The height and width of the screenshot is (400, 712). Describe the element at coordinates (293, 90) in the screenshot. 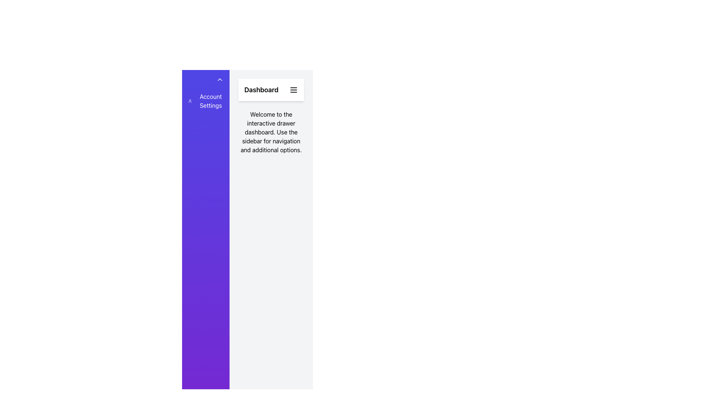

I see `the hamburger menu icon located to the right of the 'Dashboard' text in the header` at that location.